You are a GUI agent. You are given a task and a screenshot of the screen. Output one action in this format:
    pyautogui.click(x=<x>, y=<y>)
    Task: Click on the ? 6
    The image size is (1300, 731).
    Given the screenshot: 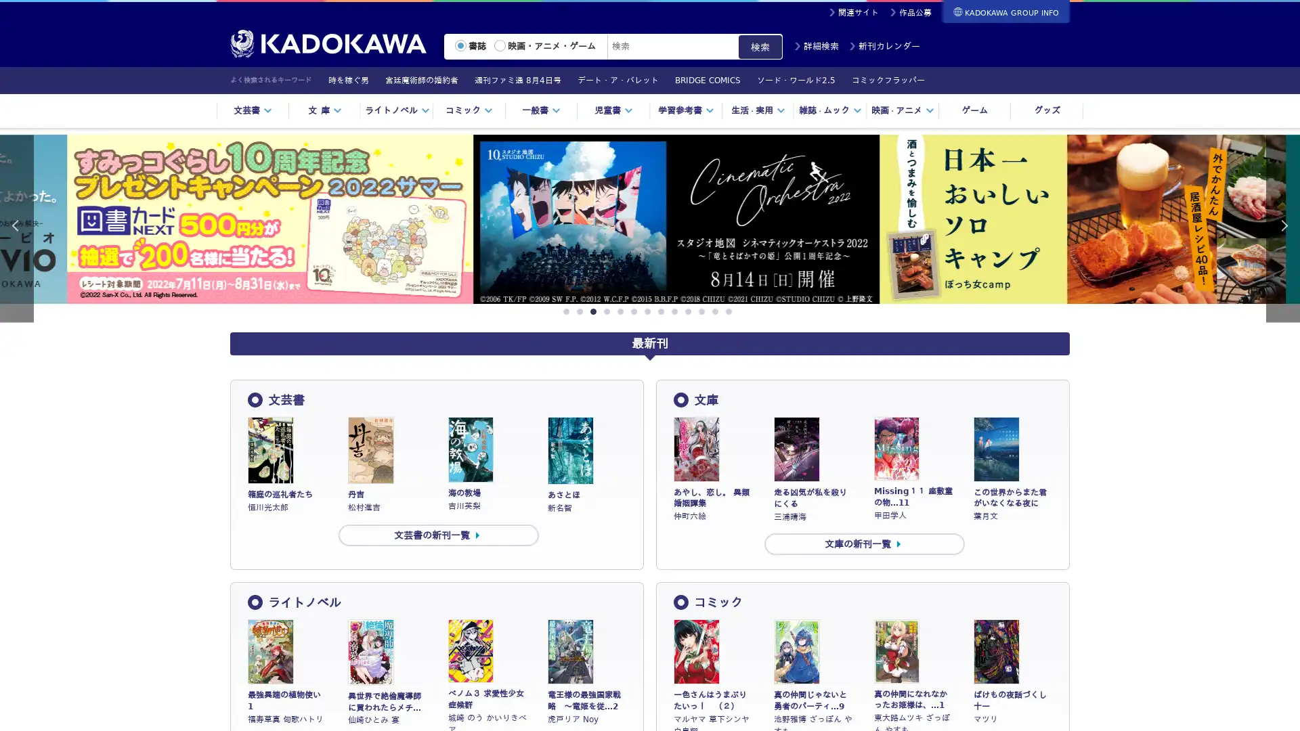 What is the action you would take?
    pyautogui.click(x=713, y=102)
    